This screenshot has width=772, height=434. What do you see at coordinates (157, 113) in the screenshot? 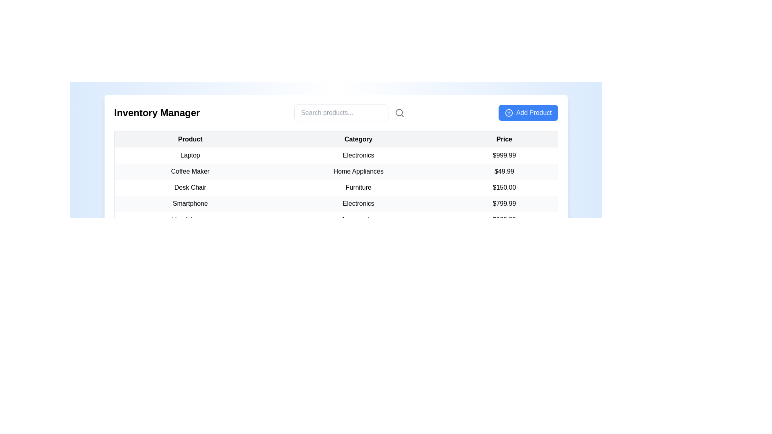
I see `the Text Label located at the top-left corner of the inventory management section, which serves as a title or header for the page` at bounding box center [157, 113].